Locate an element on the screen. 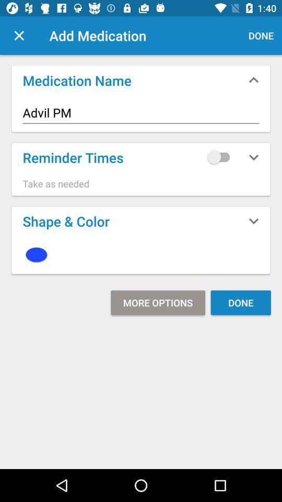 The height and width of the screenshot is (502, 282). the tab is located at coordinates (19, 36).